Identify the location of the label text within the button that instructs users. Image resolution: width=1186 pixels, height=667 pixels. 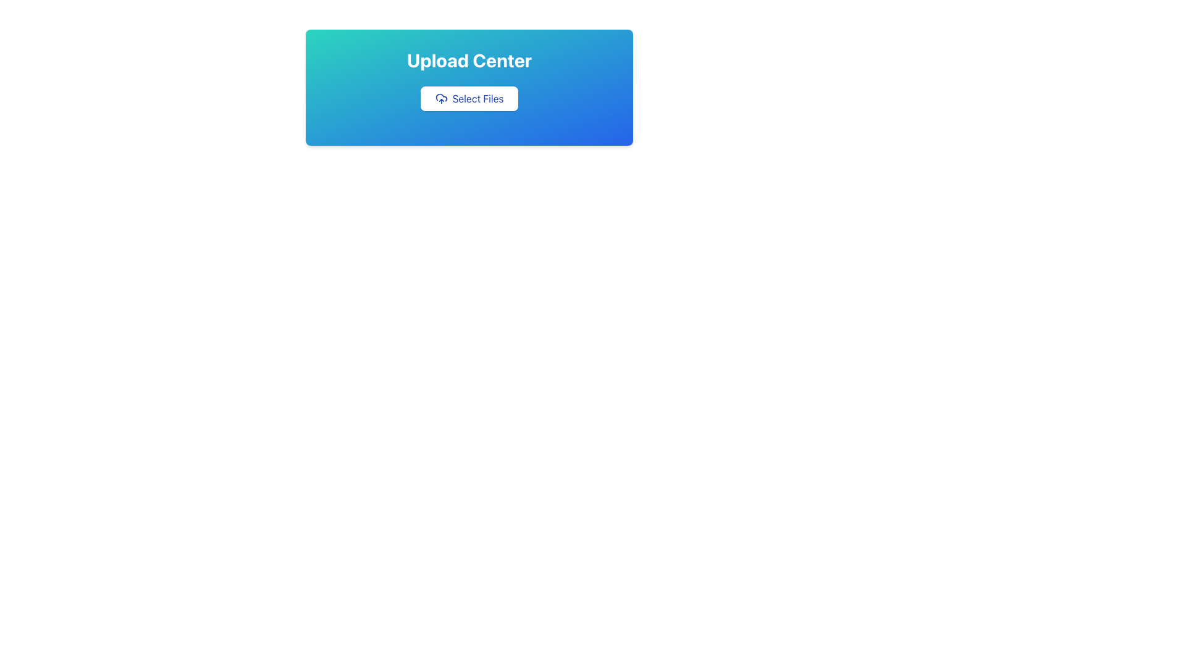
(477, 98).